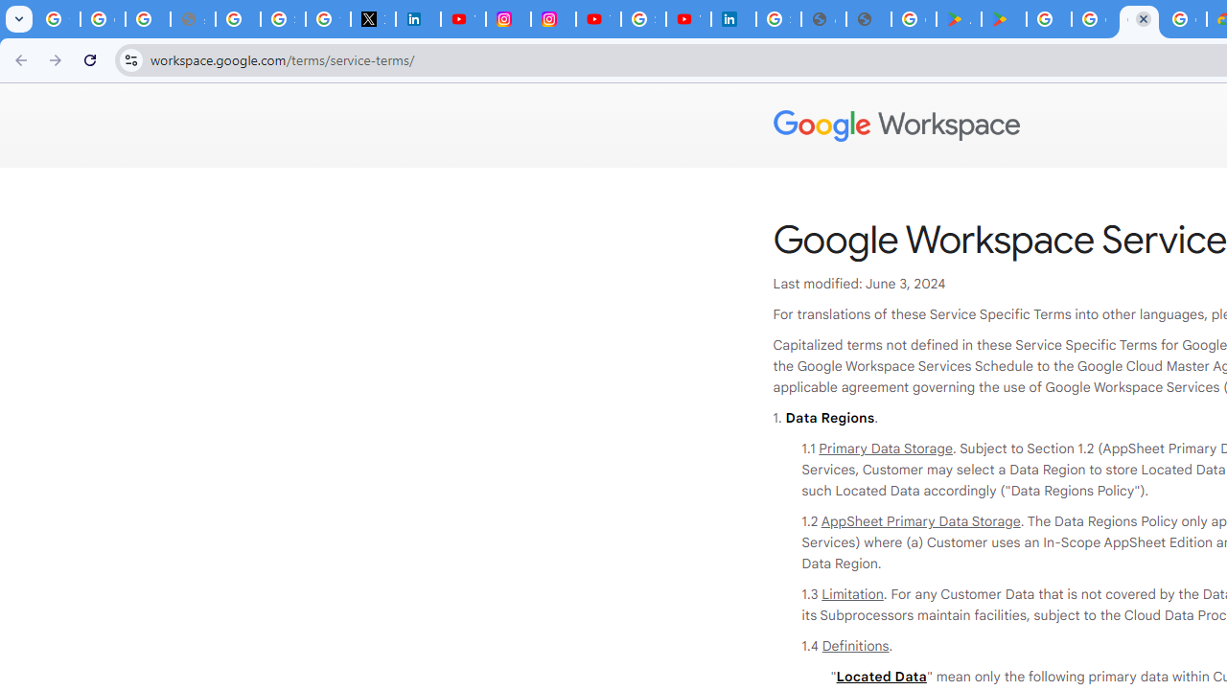 The image size is (1227, 690). I want to click on 'Google Workspace - Specific Terms', so click(1139, 19).